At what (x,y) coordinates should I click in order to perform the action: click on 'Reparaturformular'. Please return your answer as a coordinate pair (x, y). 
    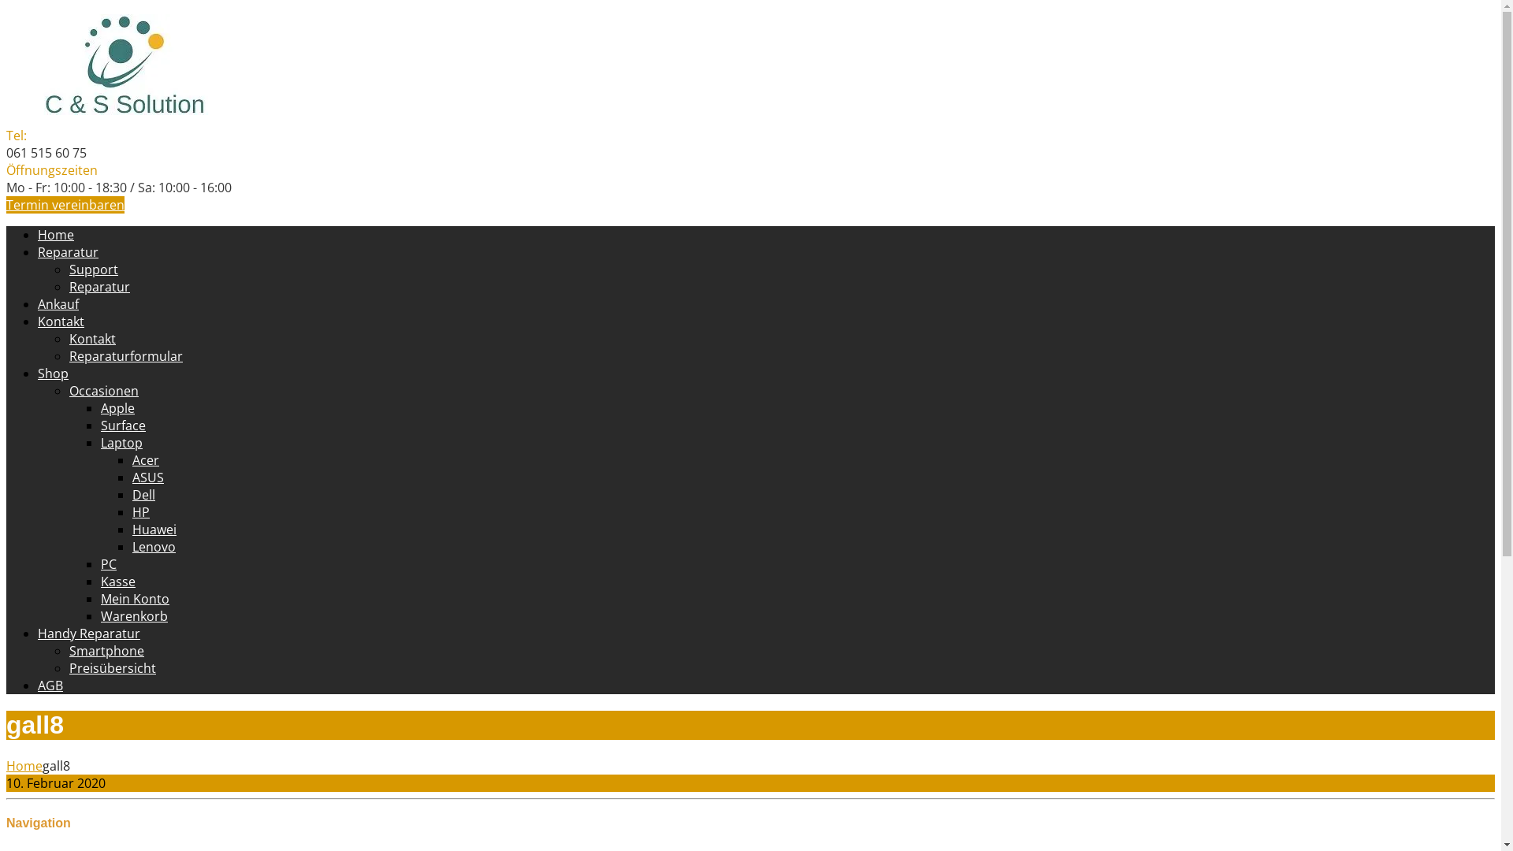
    Looking at the image, I should click on (125, 355).